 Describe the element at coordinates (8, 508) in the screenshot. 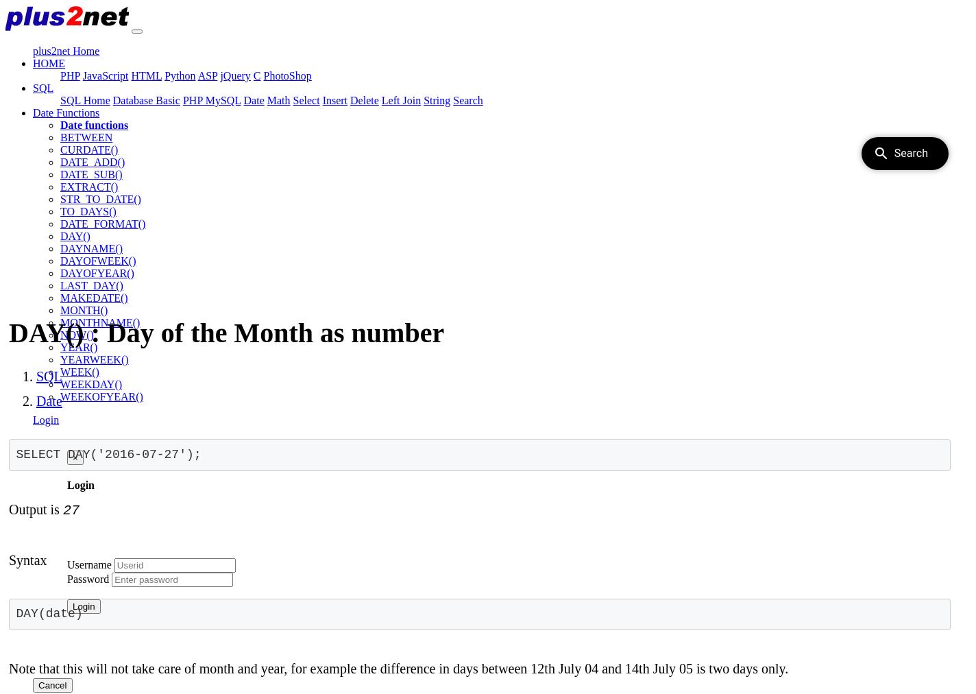

I see `'Output is'` at that location.